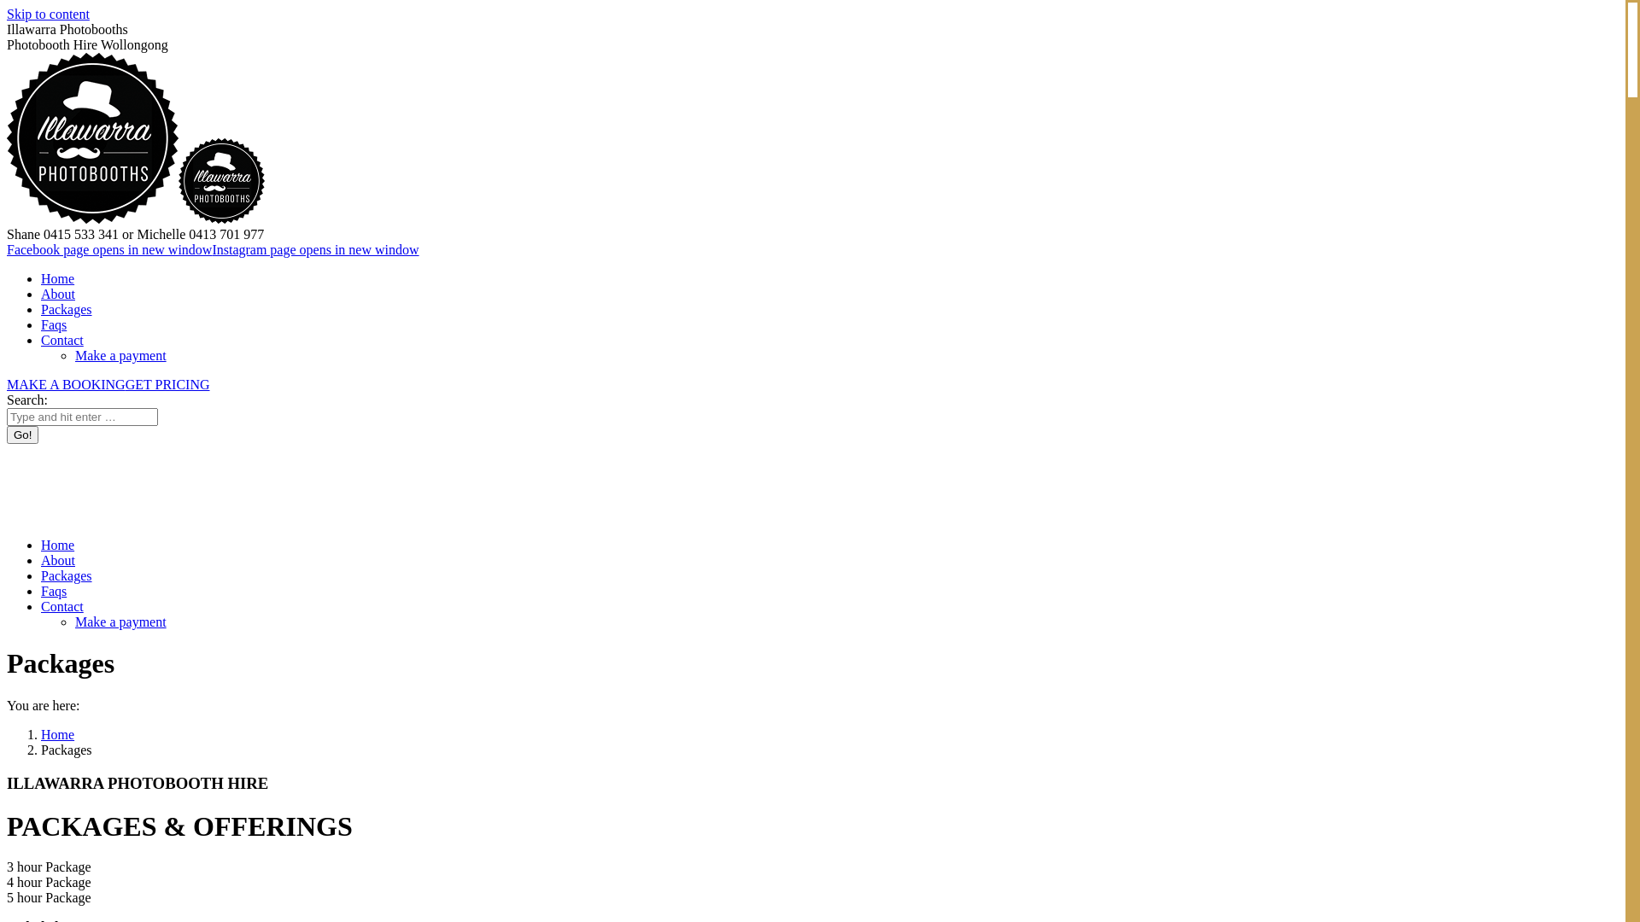 The image size is (1640, 922). What do you see at coordinates (41, 560) in the screenshot?
I see `'About'` at bounding box center [41, 560].